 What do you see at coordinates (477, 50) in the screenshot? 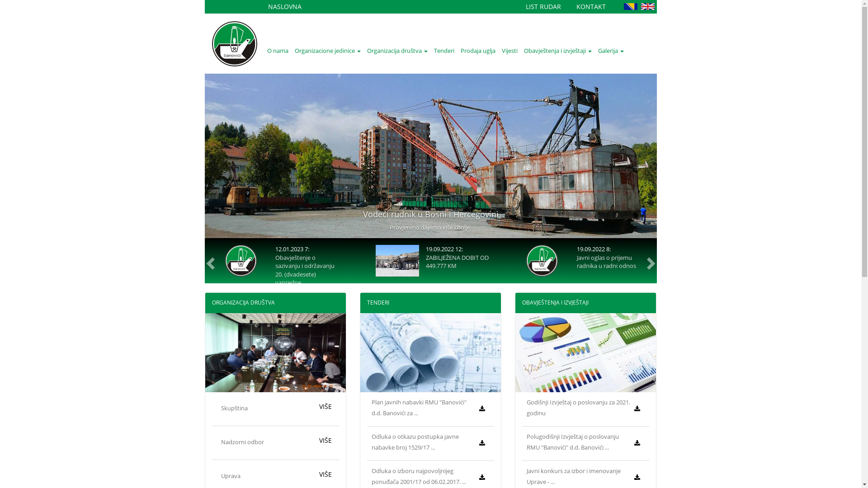
I see `'Prodaja uglja'` at bounding box center [477, 50].